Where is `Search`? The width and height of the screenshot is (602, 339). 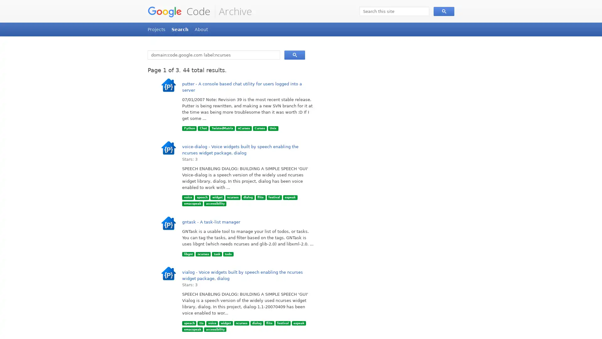
Search is located at coordinates (444, 11).